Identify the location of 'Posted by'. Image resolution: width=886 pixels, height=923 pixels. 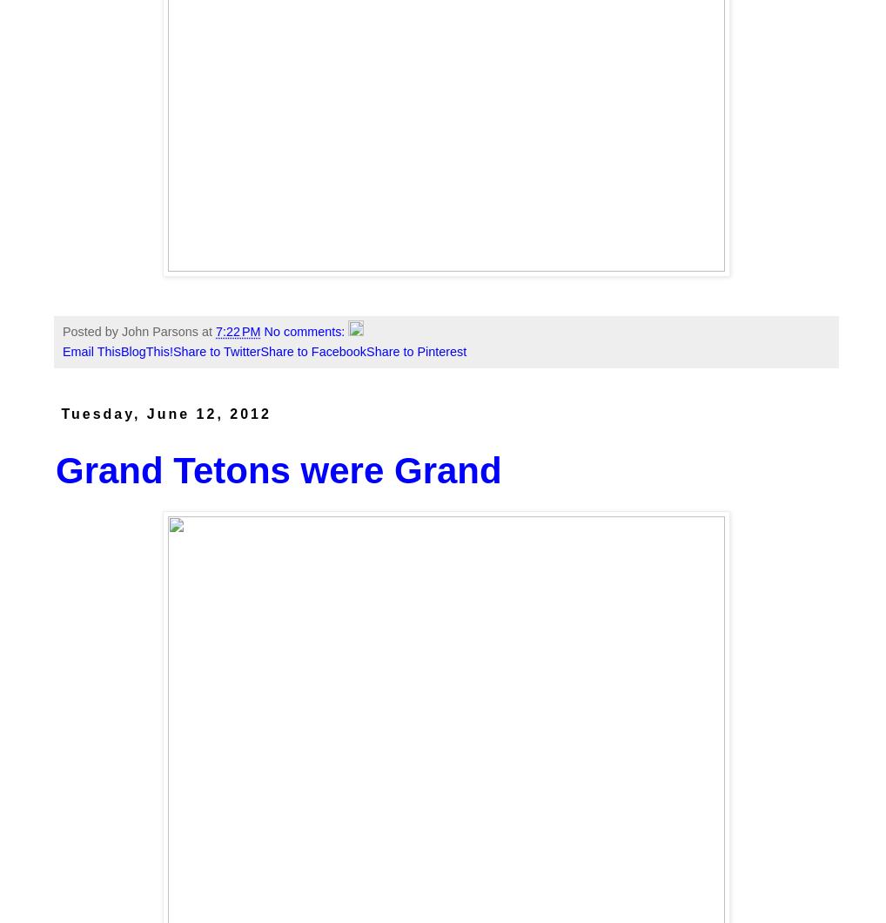
(91, 331).